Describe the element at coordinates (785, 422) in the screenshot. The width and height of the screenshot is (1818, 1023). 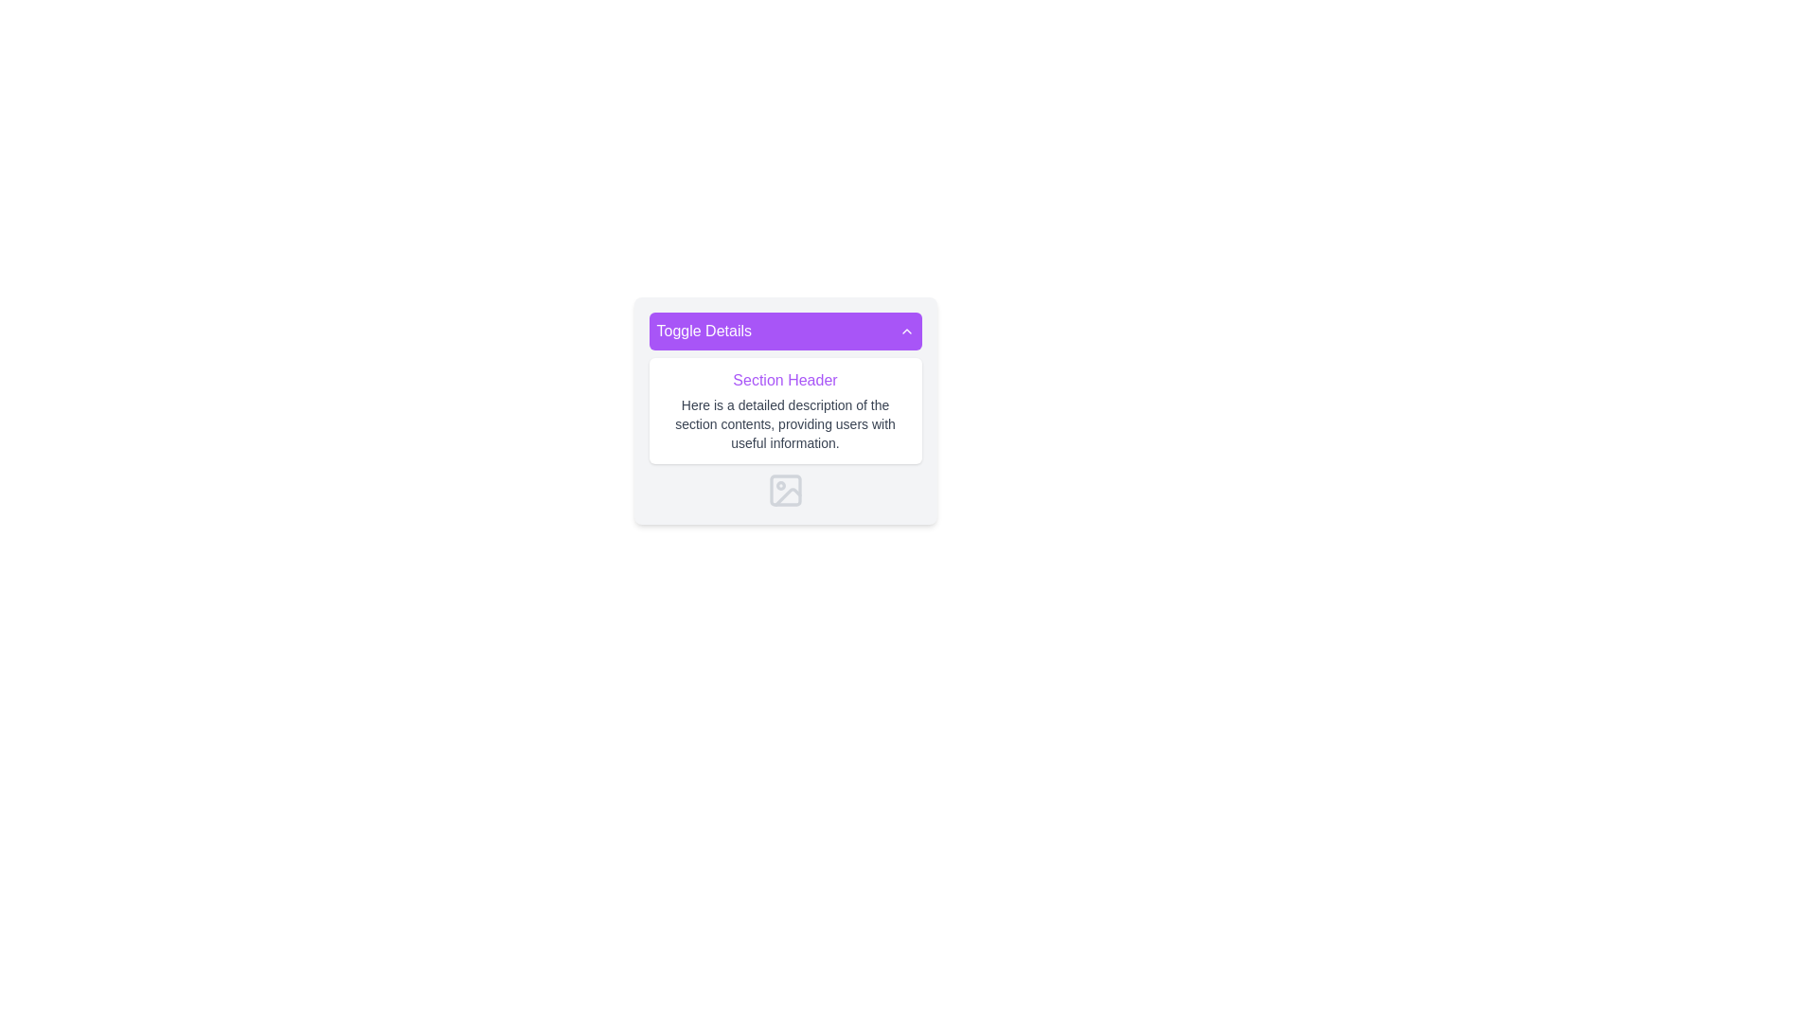
I see `descriptive text located below the bold purple section header, which provides useful information about the section contents` at that location.